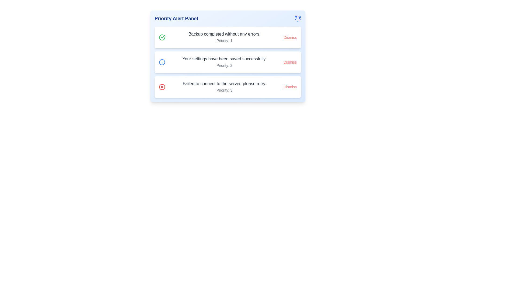 The height and width of the screenshot is (291, 517). What do you see at coordinates (162, 87) in the screenshot?
I see `the error icon located in the lower part of the notification card displaying the message 'Failed to connect to the server, please retry.' in the 'Priority Alert Panel.'` at bounding box center [162, 87].